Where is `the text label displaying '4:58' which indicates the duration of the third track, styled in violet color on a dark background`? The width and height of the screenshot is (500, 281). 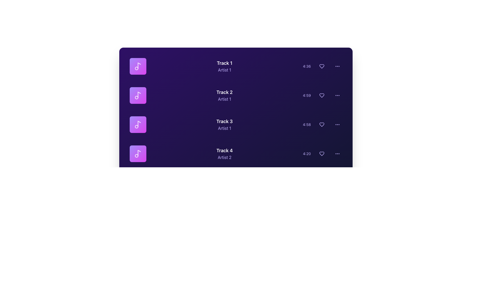 the text label displaying '4:58' which indicates the duration of the third track, styled in violet color on a dark background is located at coordinates (307, 124).